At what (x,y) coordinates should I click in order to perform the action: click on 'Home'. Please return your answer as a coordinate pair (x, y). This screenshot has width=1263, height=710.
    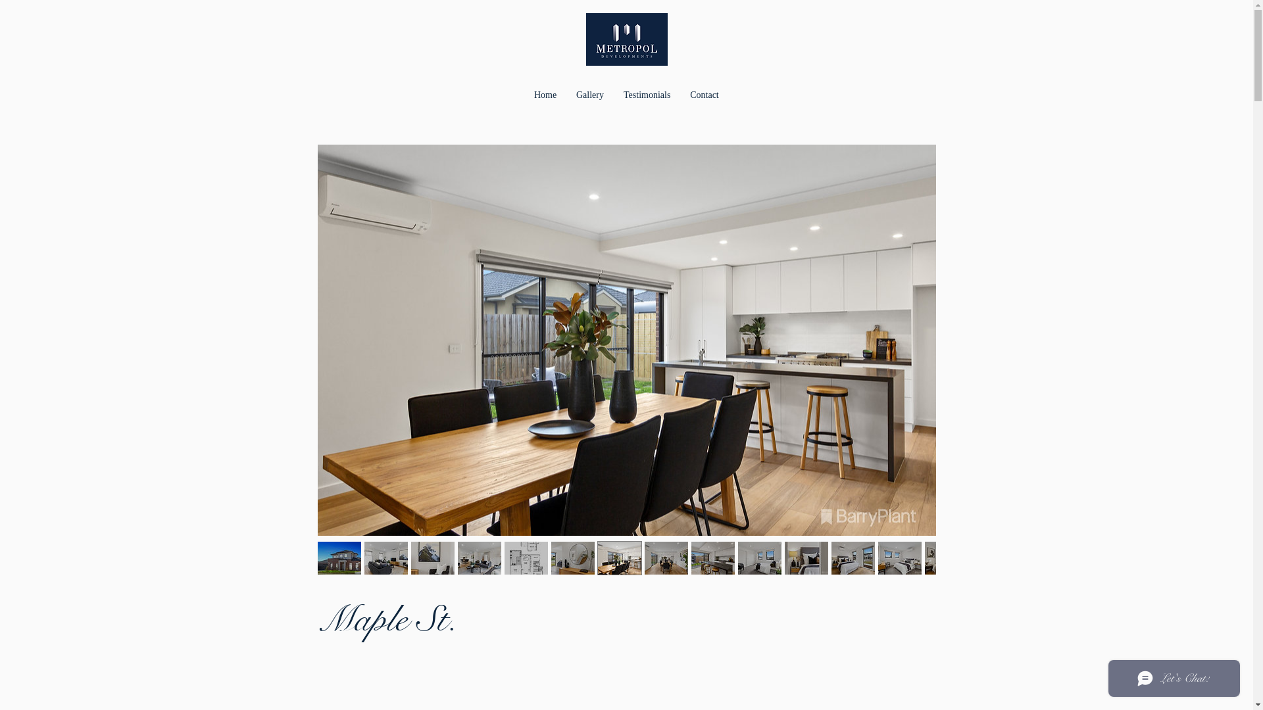
    Looking at the image, I should click on (545, 95).